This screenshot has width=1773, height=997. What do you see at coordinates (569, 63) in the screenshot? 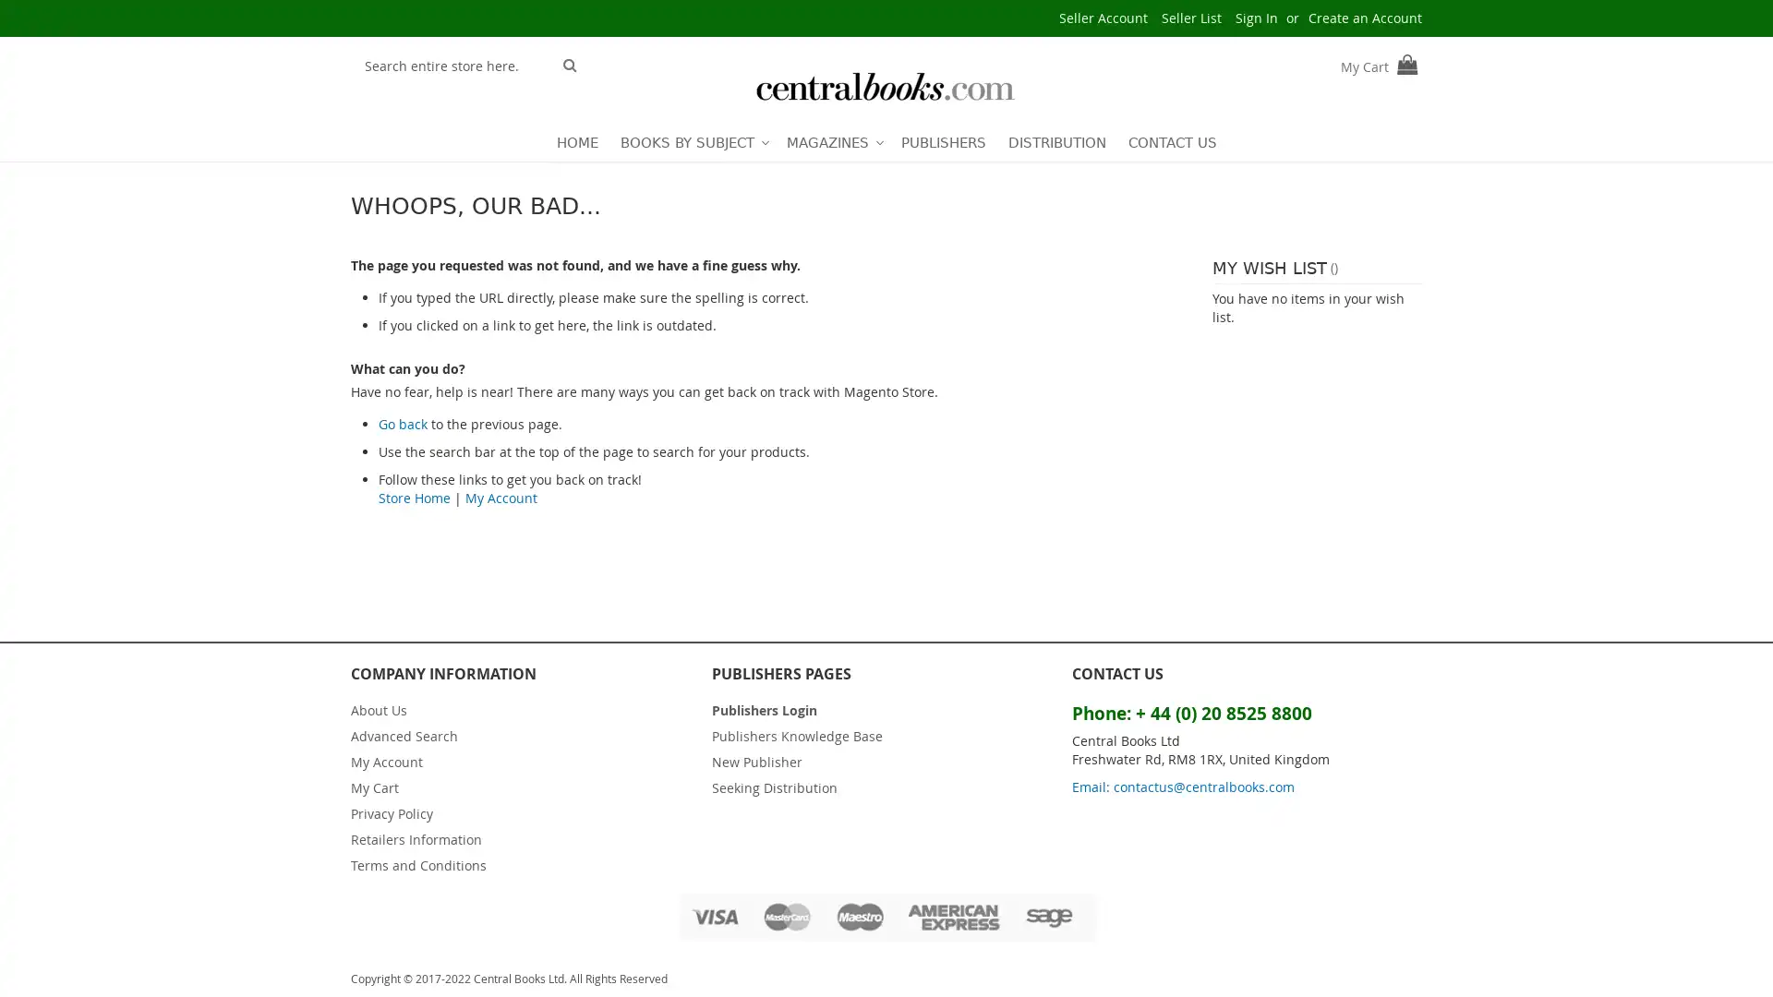
I see `Search` at bounding box center [569, 63].